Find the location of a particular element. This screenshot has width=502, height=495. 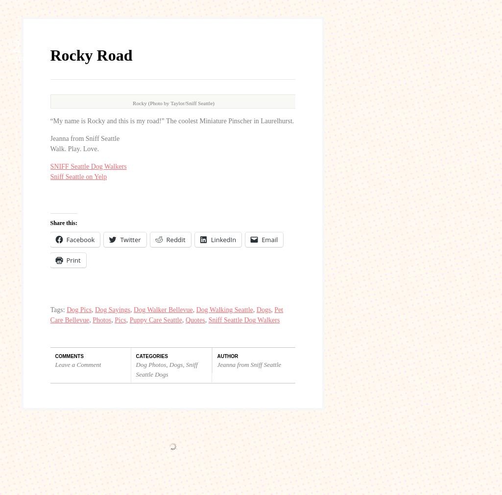

'Puppy Care Seattle' is located at coordinates (155, 136).